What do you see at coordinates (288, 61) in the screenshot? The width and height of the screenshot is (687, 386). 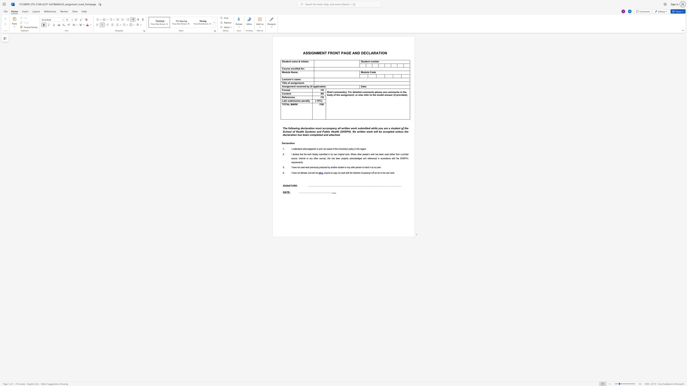 I see `the 1th character "e" in the text` at bounding box center [288, 61].